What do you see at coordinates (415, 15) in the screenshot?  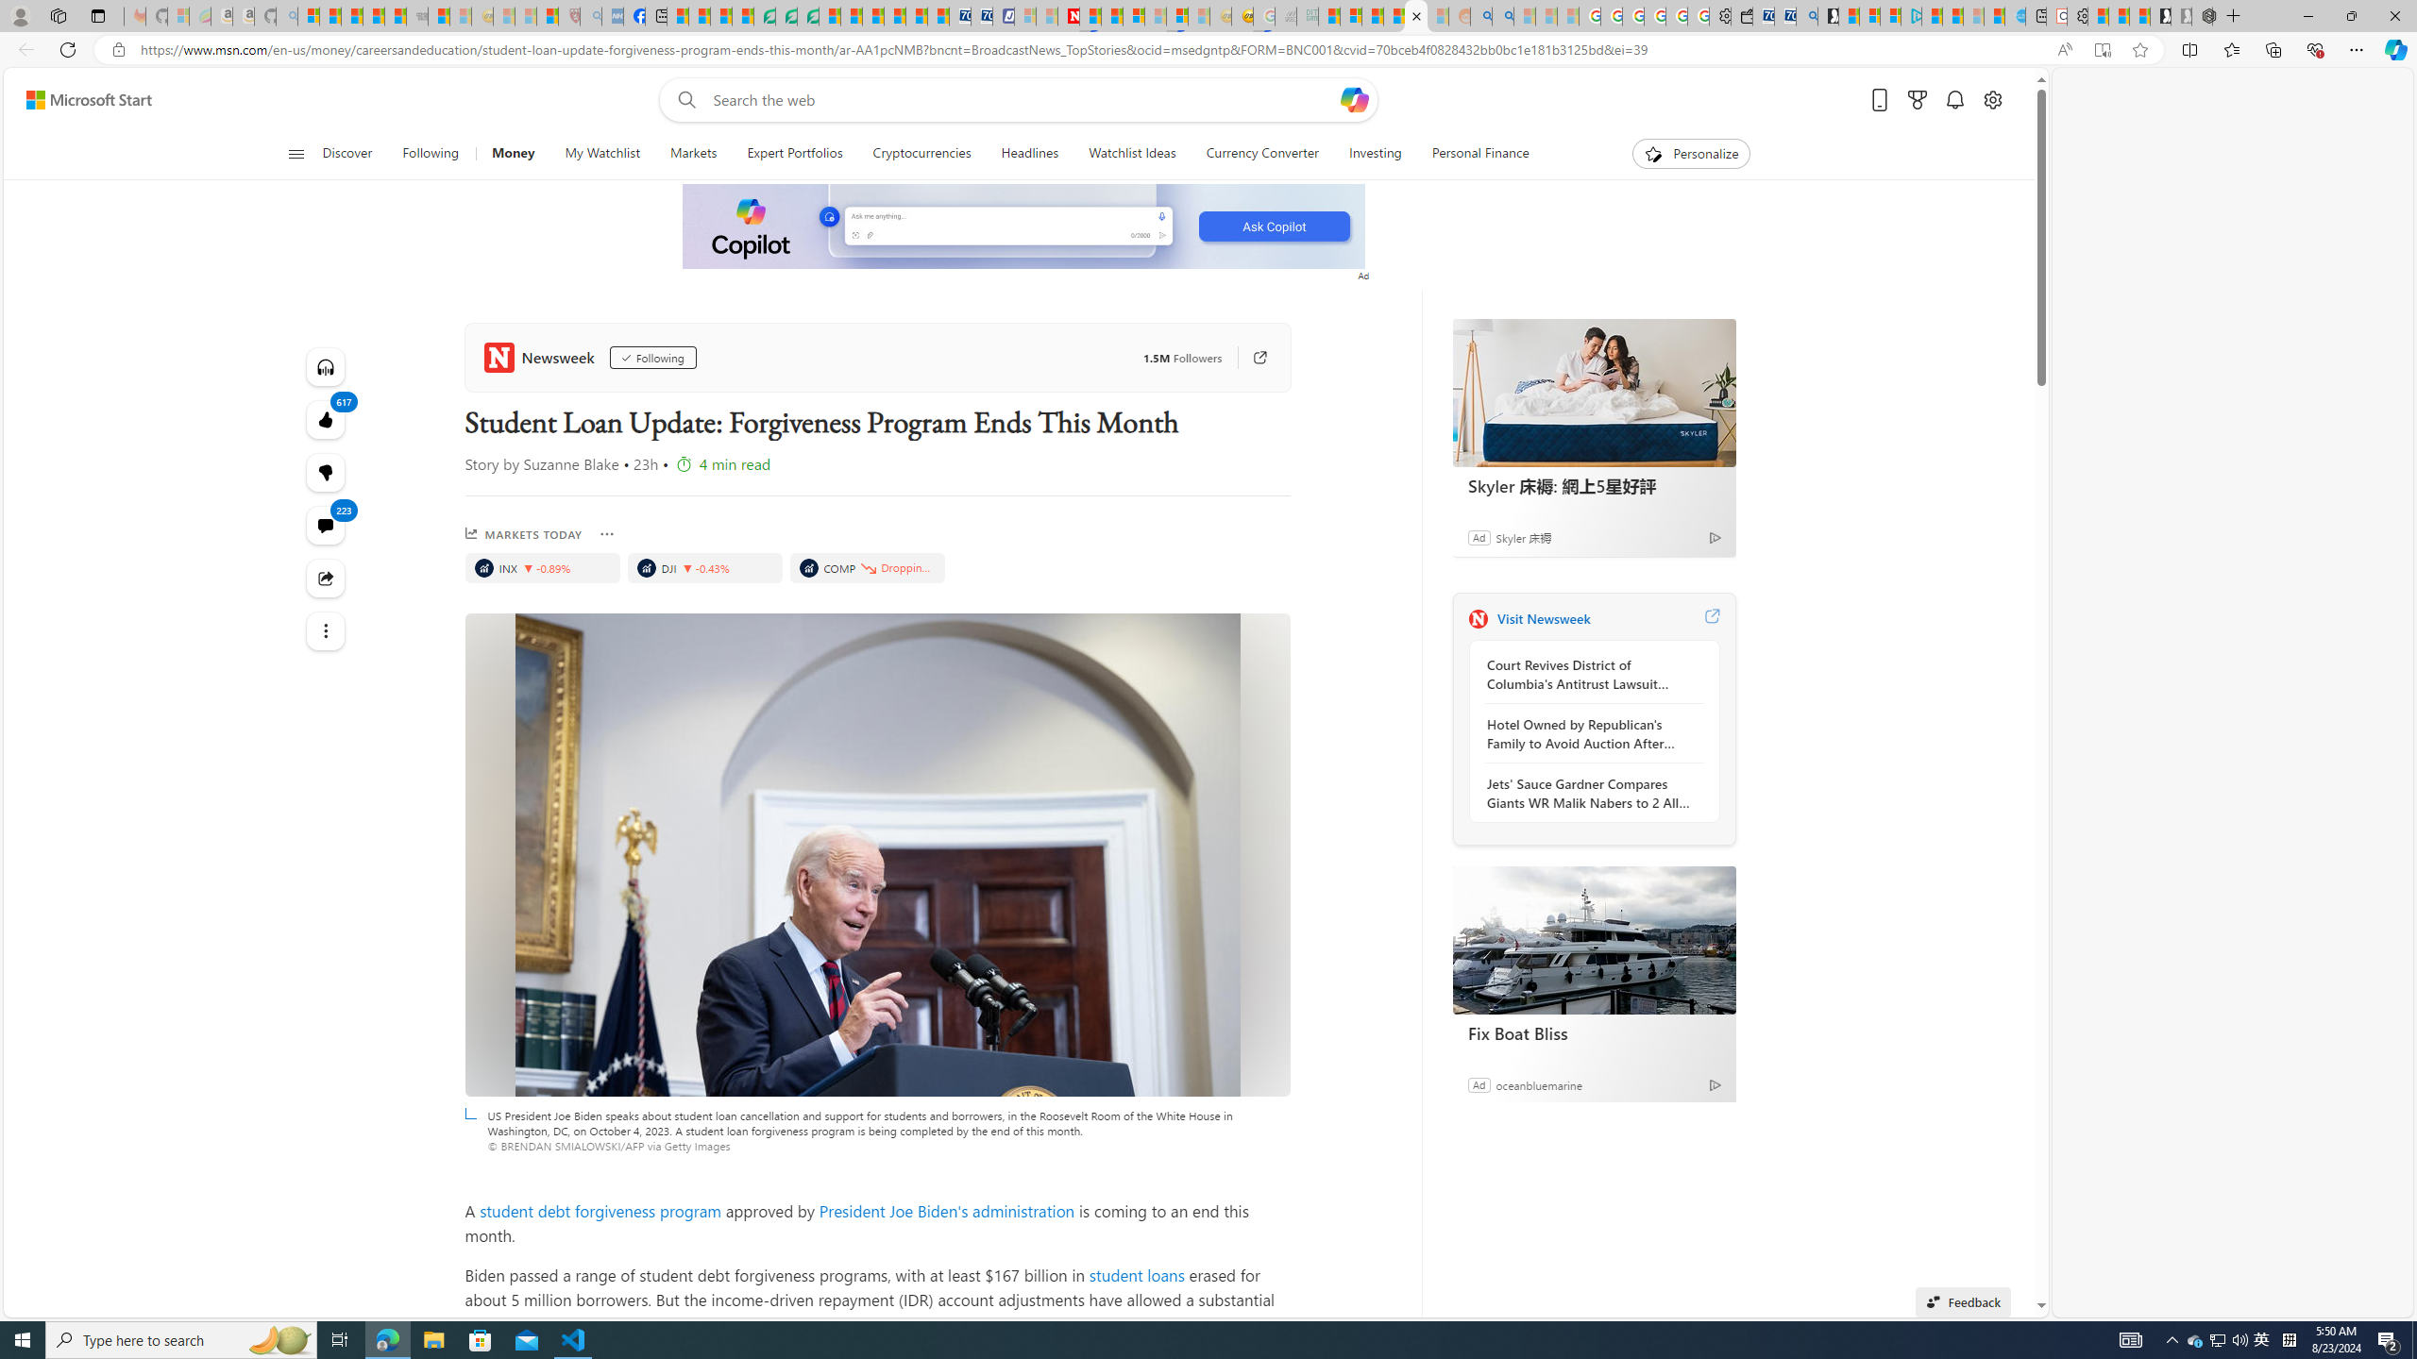 I see `'Combat Siege'` at bounding box center [415, 15].